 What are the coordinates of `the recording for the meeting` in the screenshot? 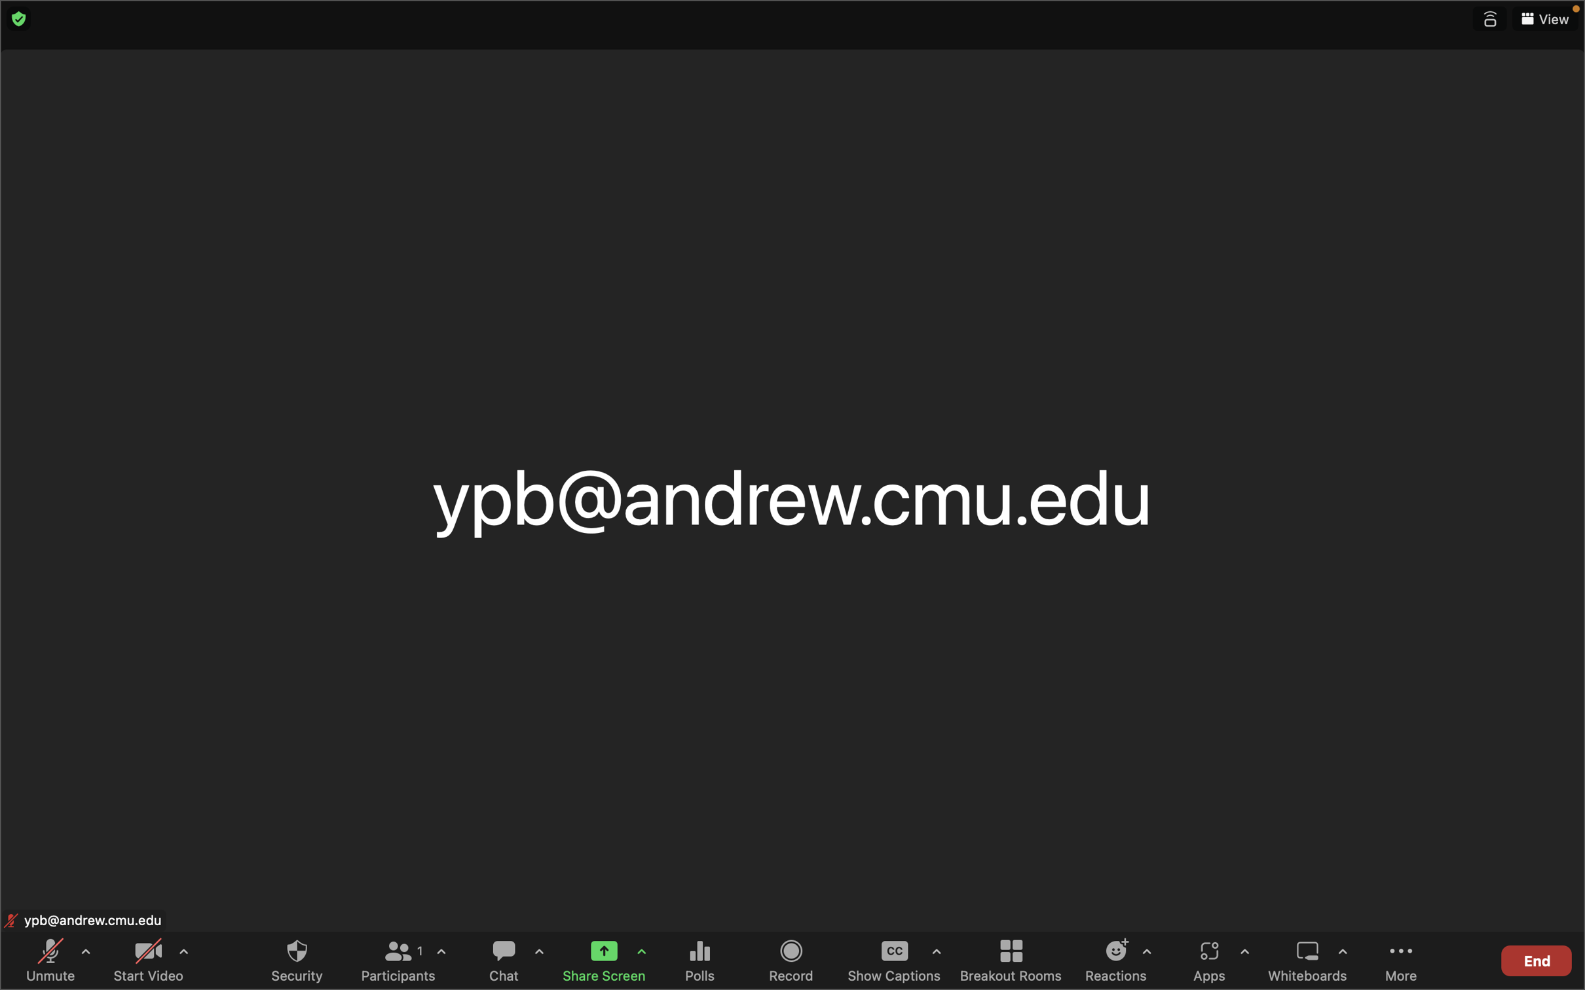 It's located at (792, 959).